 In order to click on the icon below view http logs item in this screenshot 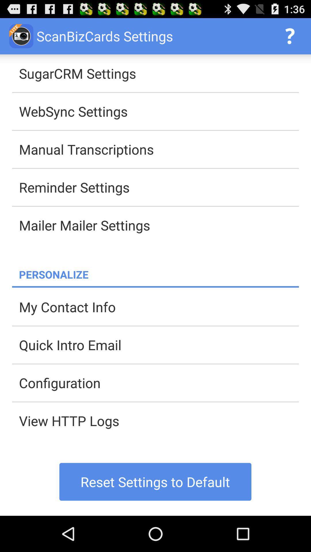, I will do `click(155, 482)`.